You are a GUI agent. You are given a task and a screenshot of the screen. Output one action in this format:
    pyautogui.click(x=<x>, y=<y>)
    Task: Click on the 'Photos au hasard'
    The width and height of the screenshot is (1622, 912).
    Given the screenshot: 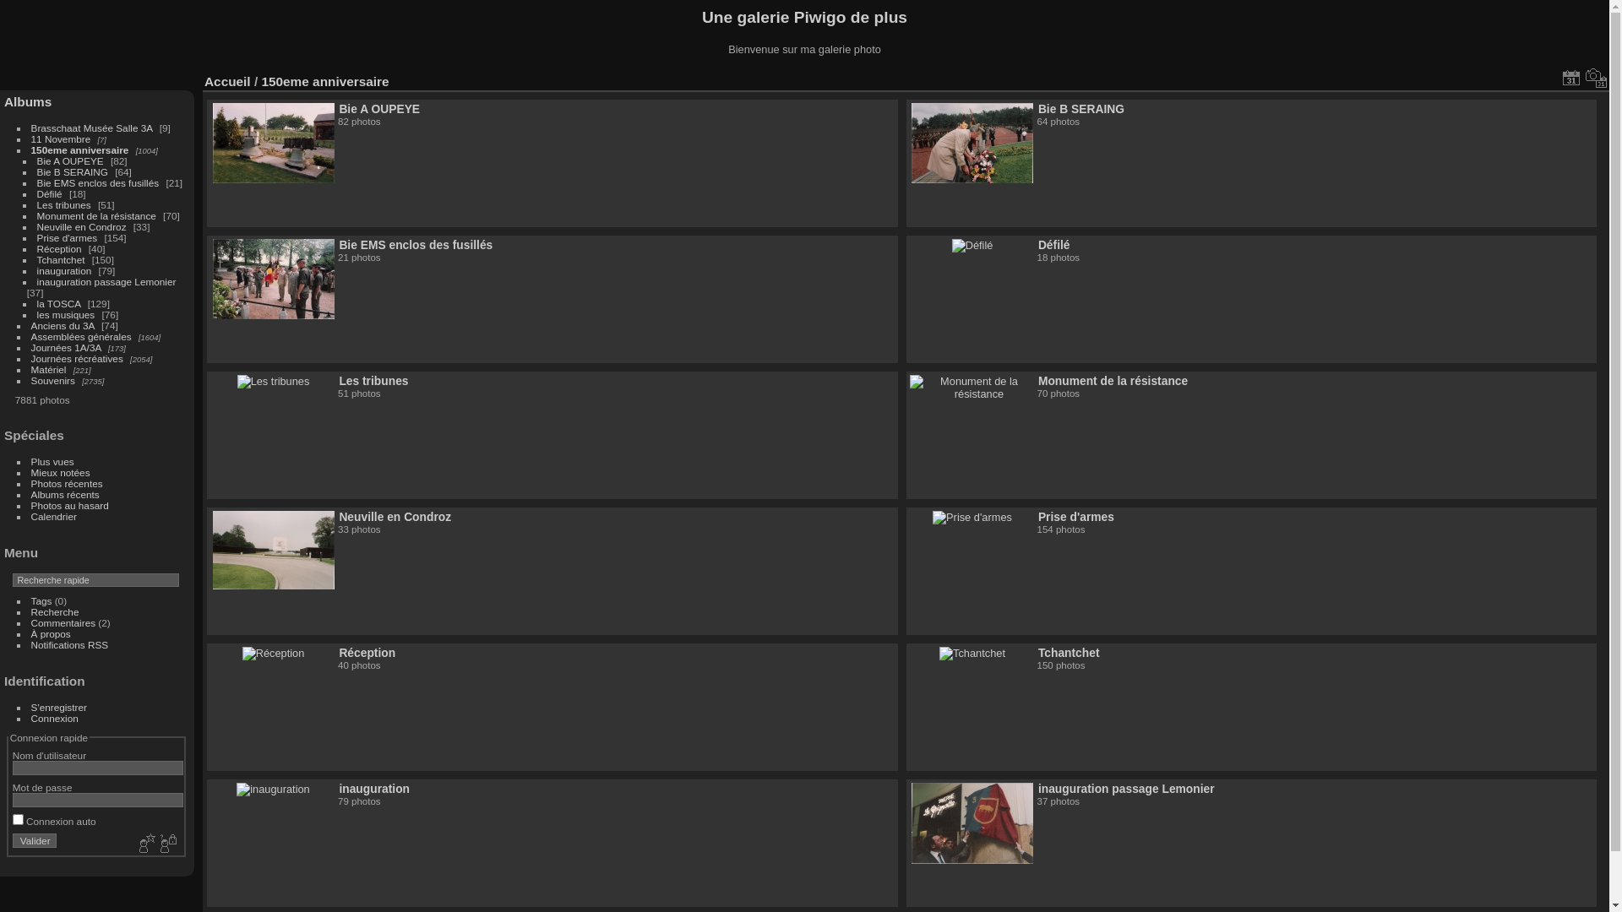 What is the action you would take?
    pyautogui.click(x=68, y=504)
    